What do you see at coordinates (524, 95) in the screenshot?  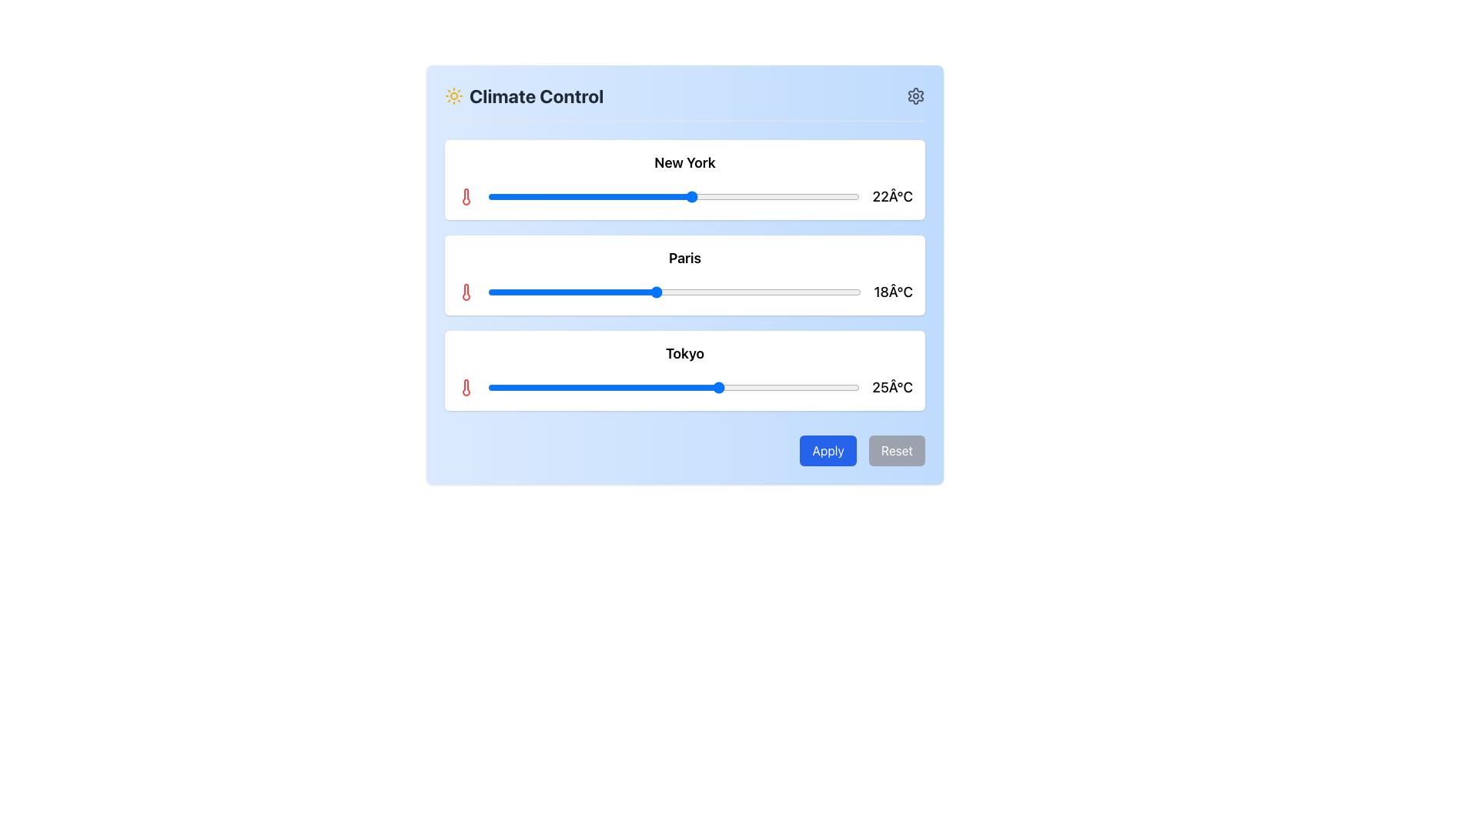 I see `the 'Climate Control' Text Label which serves as a descriptive header for climate control settings located in the top-left section of the header bar` at bounding box center [524, 95].